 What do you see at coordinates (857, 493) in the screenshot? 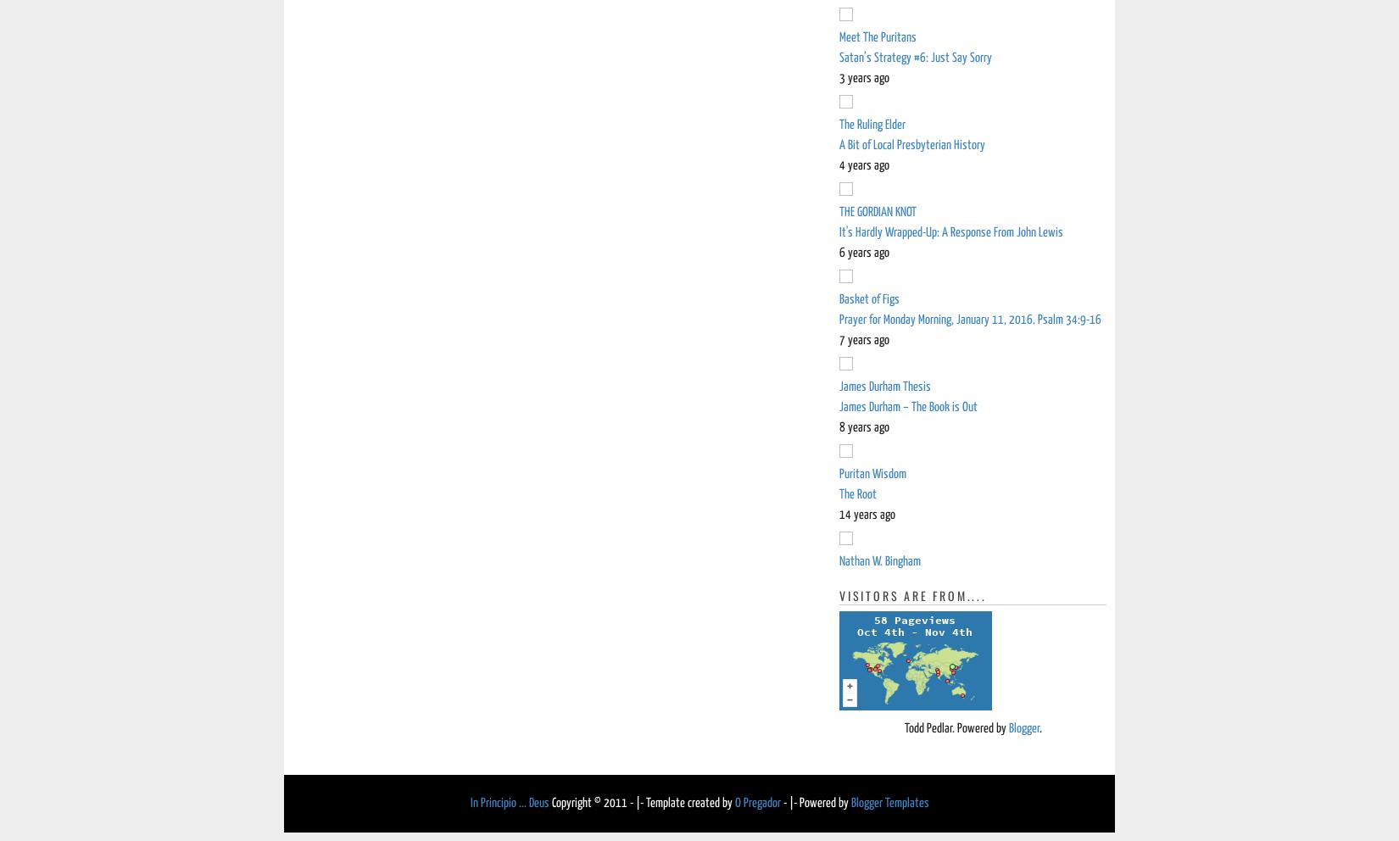
I see `'The Root'` at bounding box center [857, 493].